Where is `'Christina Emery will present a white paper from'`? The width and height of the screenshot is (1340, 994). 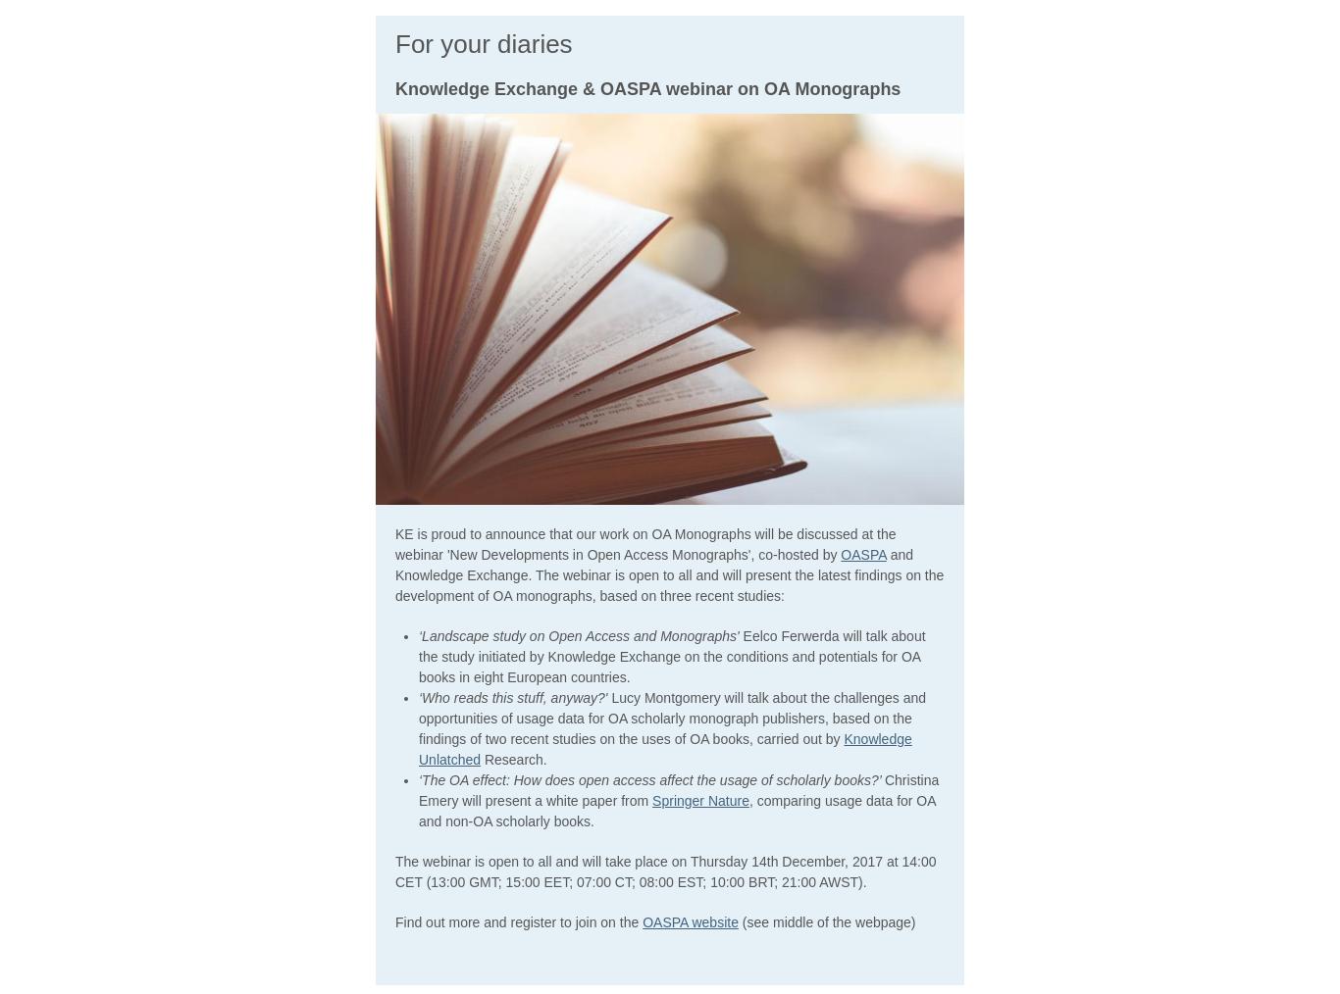
'Christina Emery will present a white paper from' is located at coordinates (679, 789).